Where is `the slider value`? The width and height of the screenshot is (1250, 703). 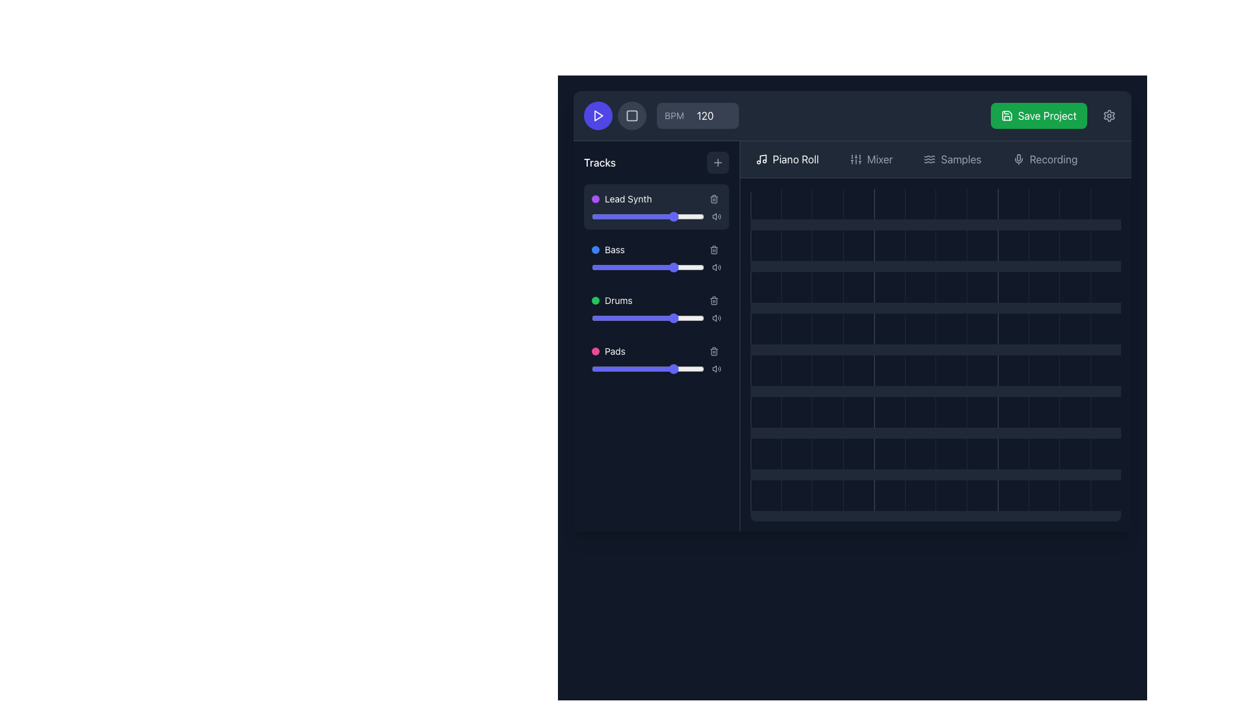
the slider value is located at coordinates (626, 215).